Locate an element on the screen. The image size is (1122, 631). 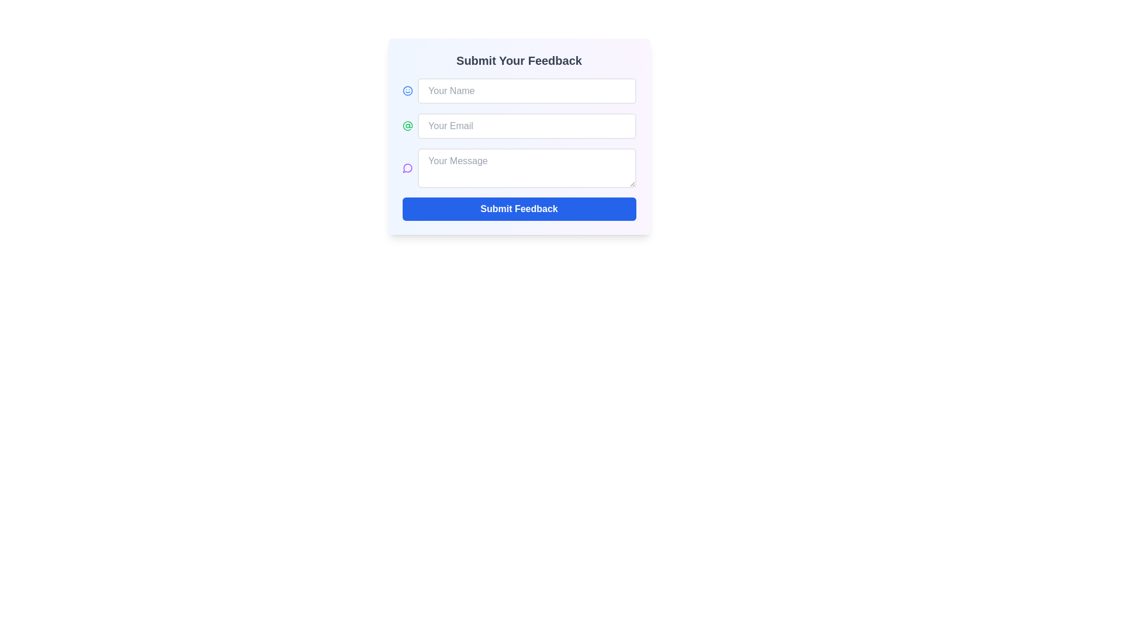
the '@' symbol icon located to the left of the 'Your Email' input field in the second row of the form is located at coordinates (407, 126).